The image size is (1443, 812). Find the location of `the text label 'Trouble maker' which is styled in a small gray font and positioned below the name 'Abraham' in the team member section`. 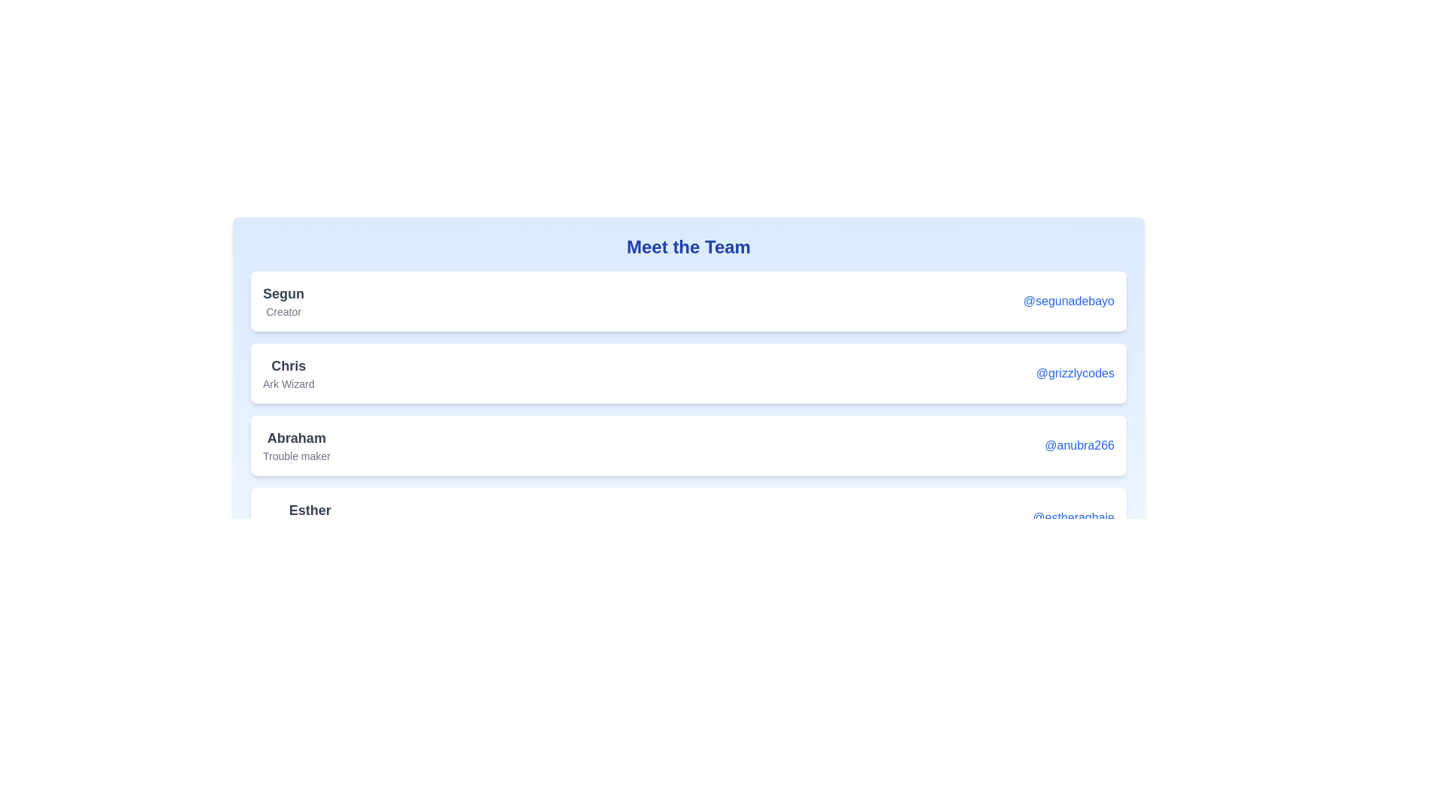

the text label 'Trouble maker' which is styled in a small gray font and positioned below the name 'Abraham' in the team member section is located at coordinates (296, 455).